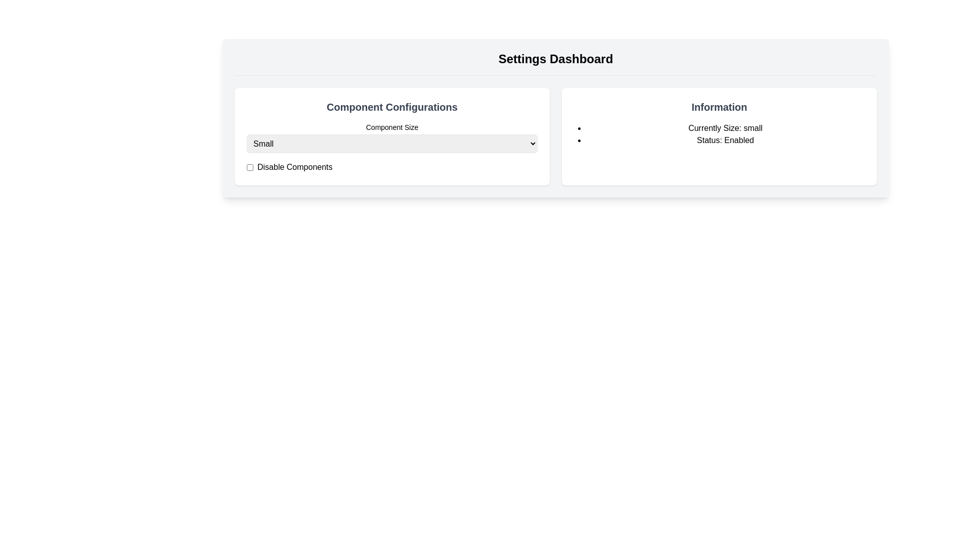 The height and width of the screenshot is (546, 971). Describe the element at coordinates (719, 136) in the screenshot. I see `the static informational card located in the right section of the two-column layout, positioned to the right of the 'Component Configurations' block` at that location.